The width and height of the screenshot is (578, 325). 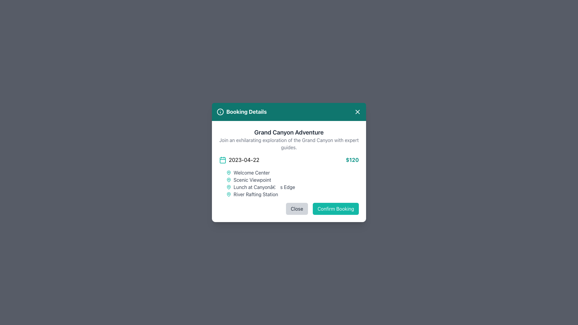 What do you see at coordinates (292, 187) in the screenshot?
I see `text of the List item displaying 'Lunch at Canyon’s Edge' with a teal location pin icon, which is the third item in the vertical list within the booking details modal` at bounding box center [292, 187].